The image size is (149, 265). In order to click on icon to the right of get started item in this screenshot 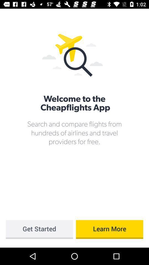, I will do `click(110, 229)`.